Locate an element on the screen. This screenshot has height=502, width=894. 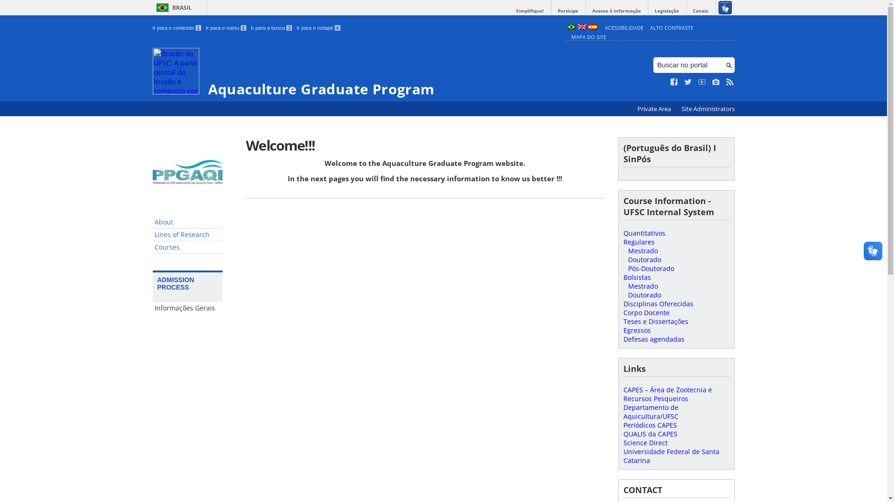
'Ir para a busca 3' is located at coordinates (271, 27).